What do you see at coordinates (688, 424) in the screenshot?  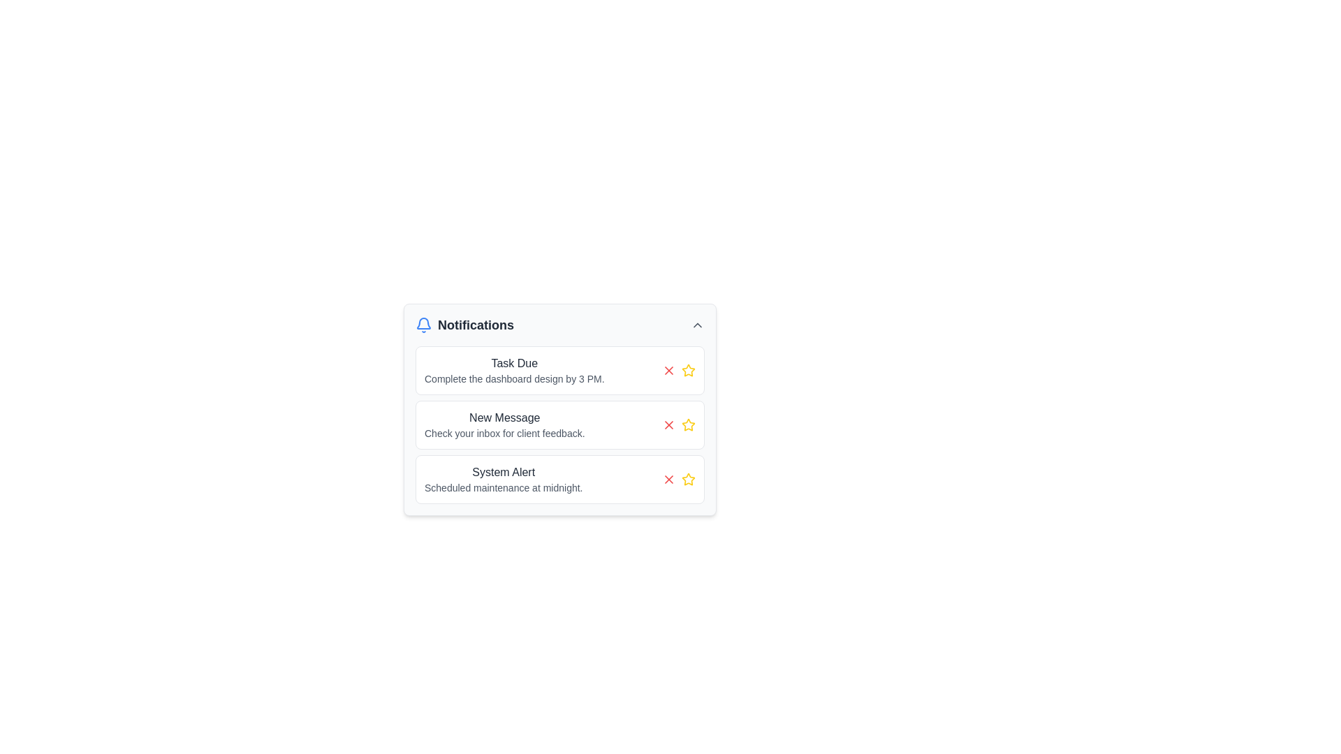 I see `the yellow star icon located to the far right of the 'New Message' row in the notification panel` at bounding box center [688, 424].